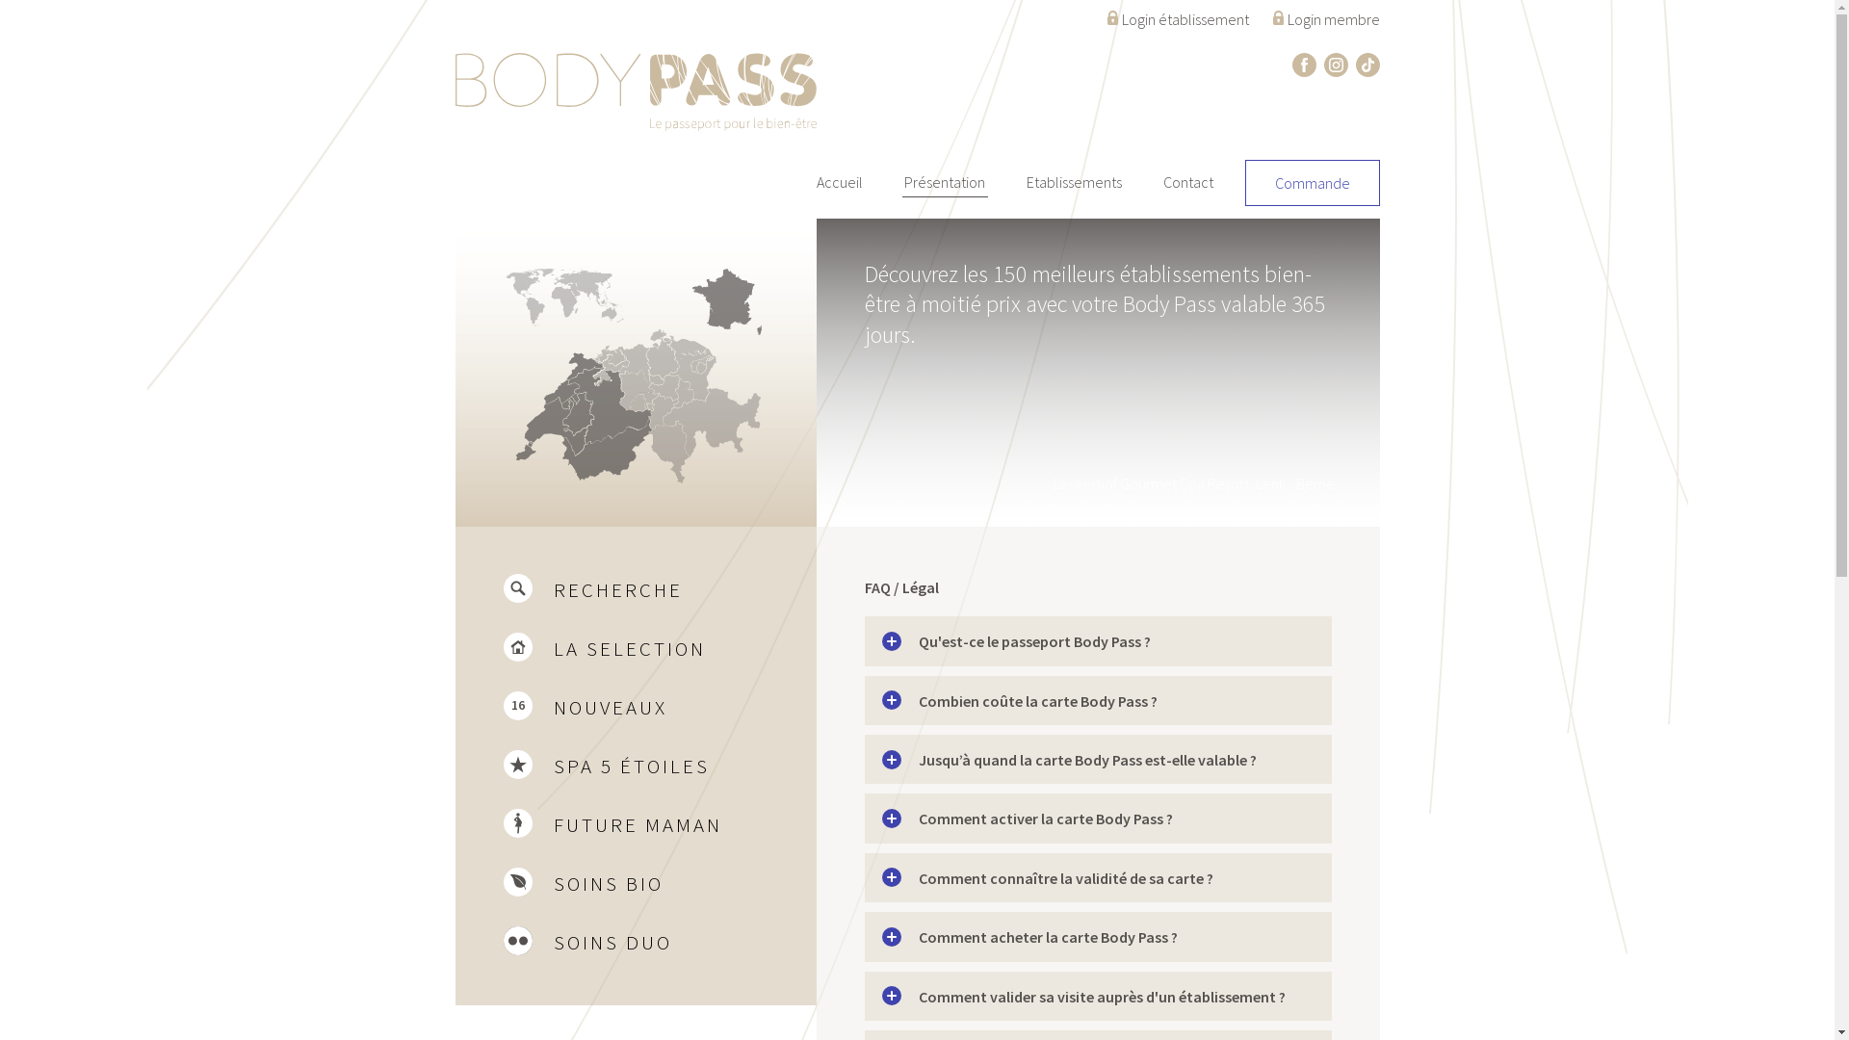  Describe the element at coordinates (1256, 182) in the screenshot. I see `'Commande'` at that location.